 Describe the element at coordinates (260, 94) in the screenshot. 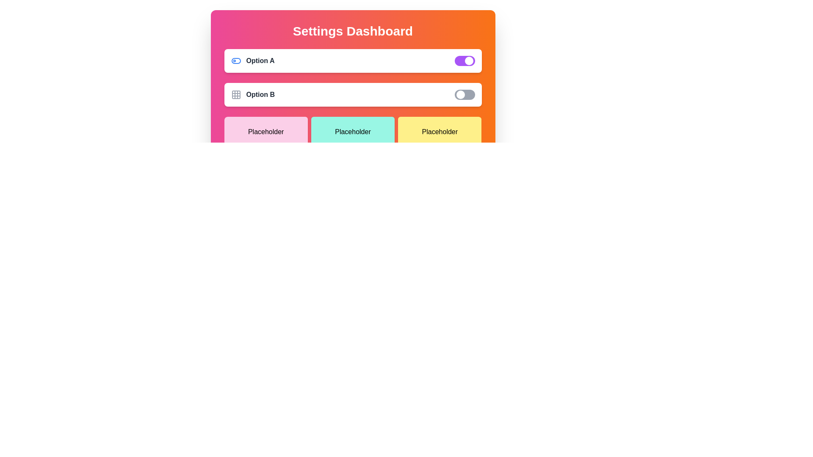

I see `the text label for 'Option B', which provides information about the current feature or setting in the settings dashboard` at that location.